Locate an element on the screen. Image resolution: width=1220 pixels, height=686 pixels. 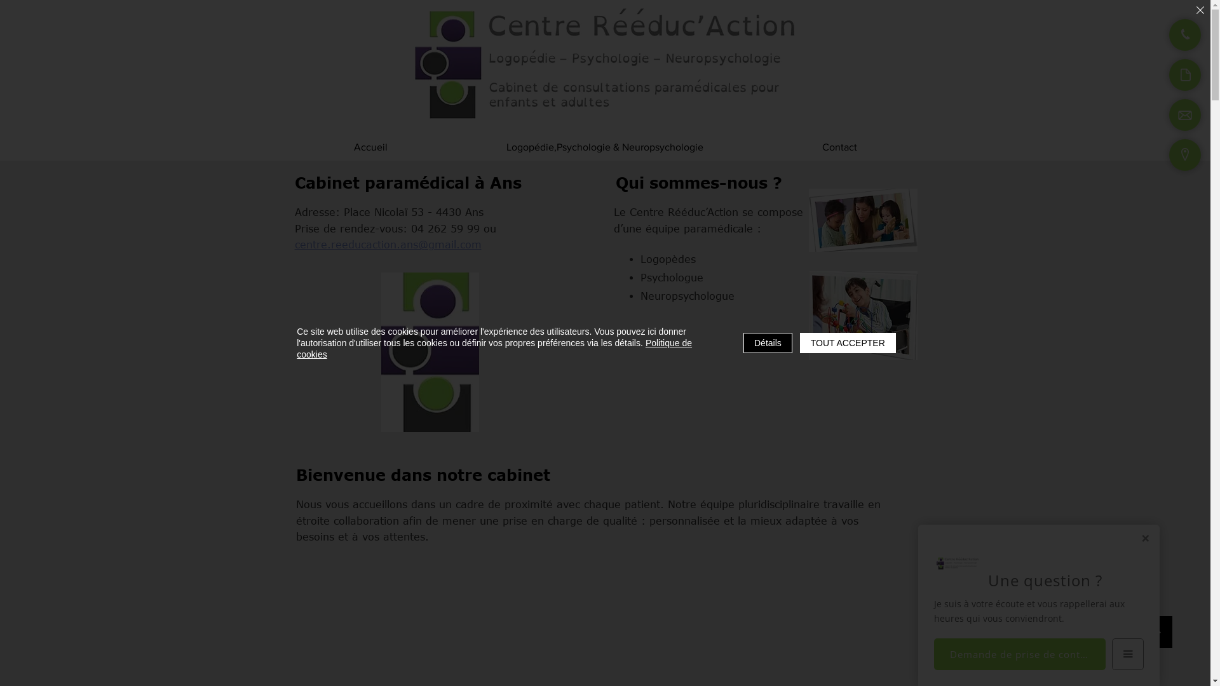
'Contact' is located at coordinates (839, 146).